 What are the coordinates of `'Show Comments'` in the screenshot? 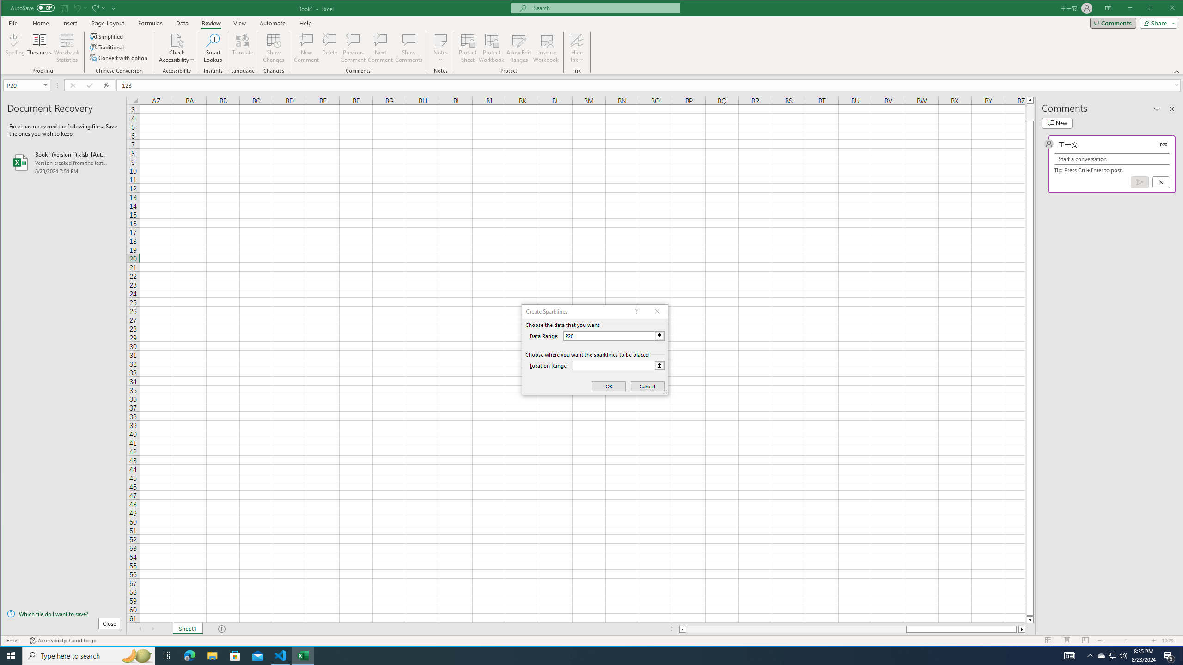 It's located at (409, 48).